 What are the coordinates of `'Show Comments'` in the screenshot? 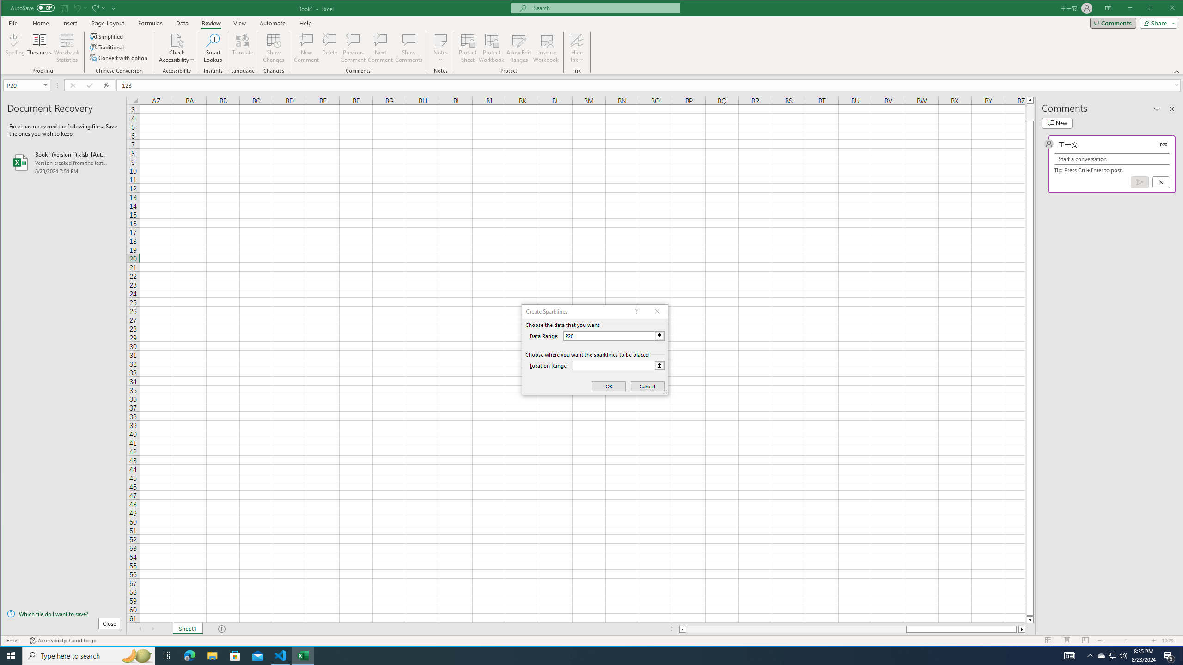 It's located at (409, 48).